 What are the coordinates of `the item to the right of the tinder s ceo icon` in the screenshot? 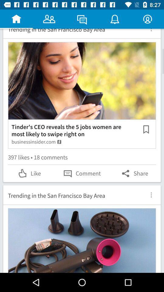 It's located at (146, 129).